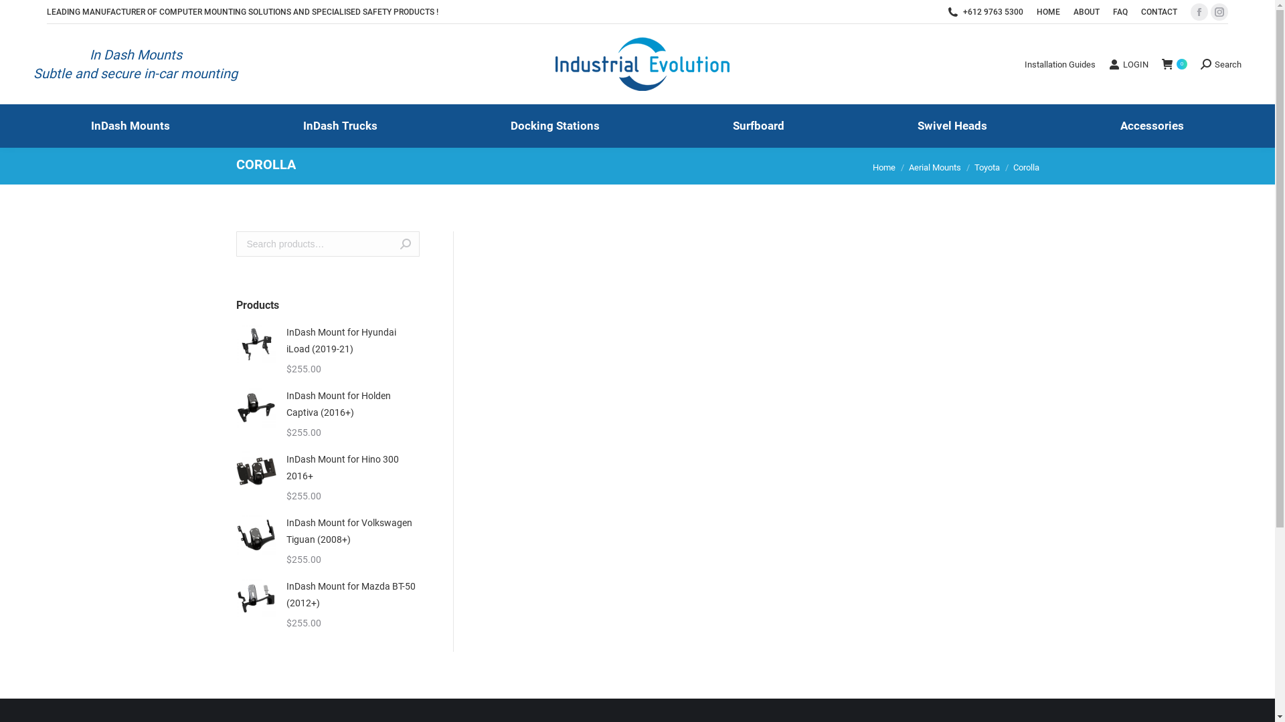 The height and width of the screenshot is (722, 1285). I want to click on 'InDash Mount for Mazda BT-50 (2012+)', so click(353, 594).